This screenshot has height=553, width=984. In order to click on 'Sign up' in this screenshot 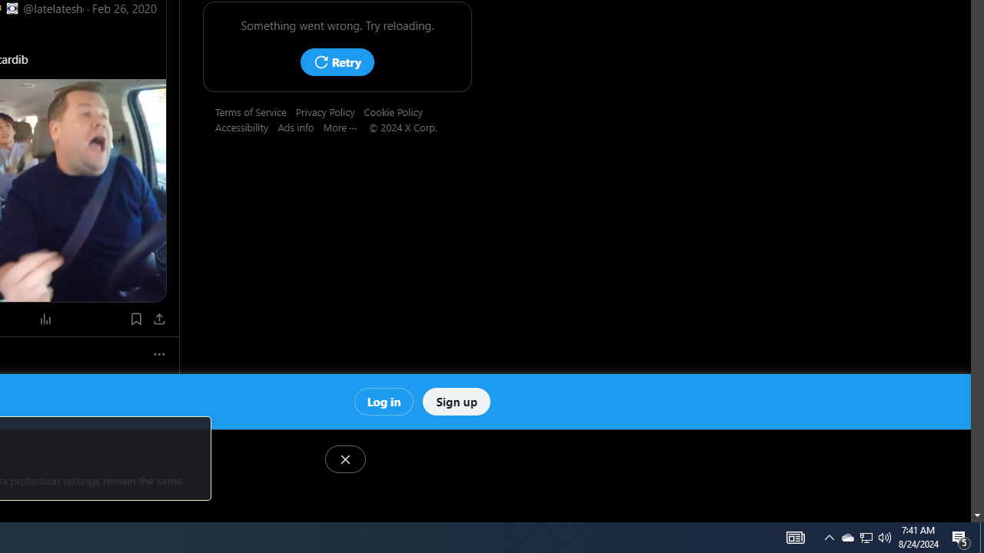, I will do `click(455, 400)`.